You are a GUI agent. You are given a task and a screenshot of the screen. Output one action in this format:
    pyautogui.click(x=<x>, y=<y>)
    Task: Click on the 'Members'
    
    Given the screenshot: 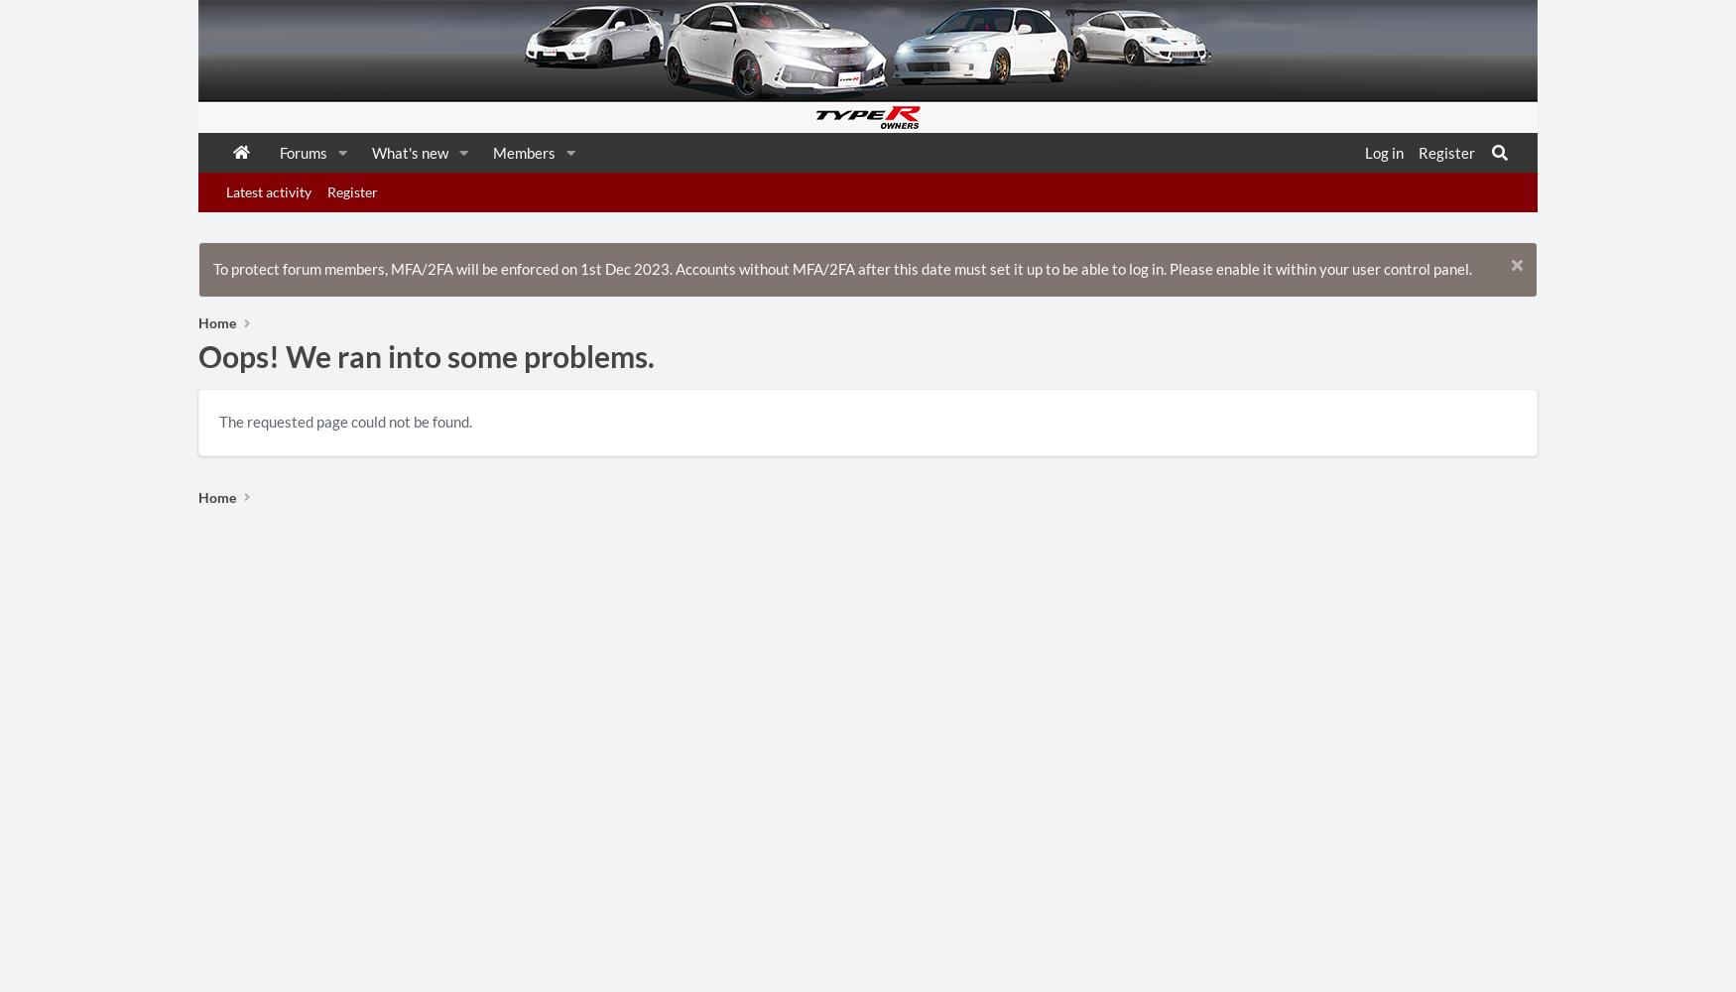 What is the action you would take?
    pyautogui.click(x=522, y=153)
    